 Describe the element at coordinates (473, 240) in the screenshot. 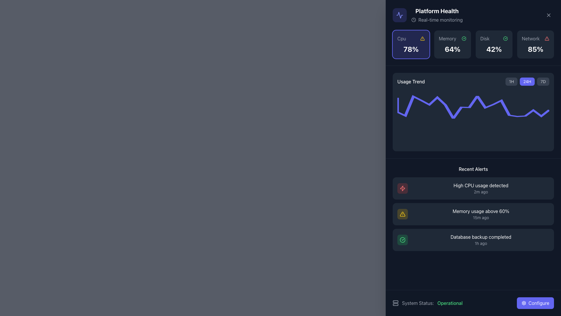

I see `the Notification card element that displays the completed database backup operation in the 'Recent Alerts' section` at that location.